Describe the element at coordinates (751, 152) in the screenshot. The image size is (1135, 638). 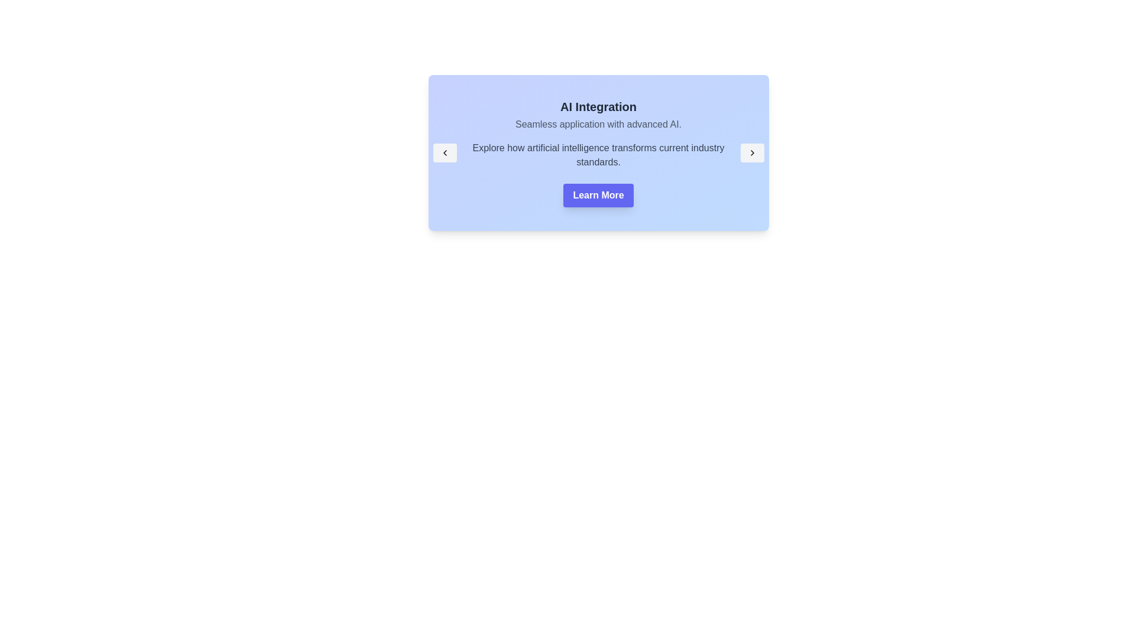
I see `the right-pointing chevron icon button with a light gray background` at that location.